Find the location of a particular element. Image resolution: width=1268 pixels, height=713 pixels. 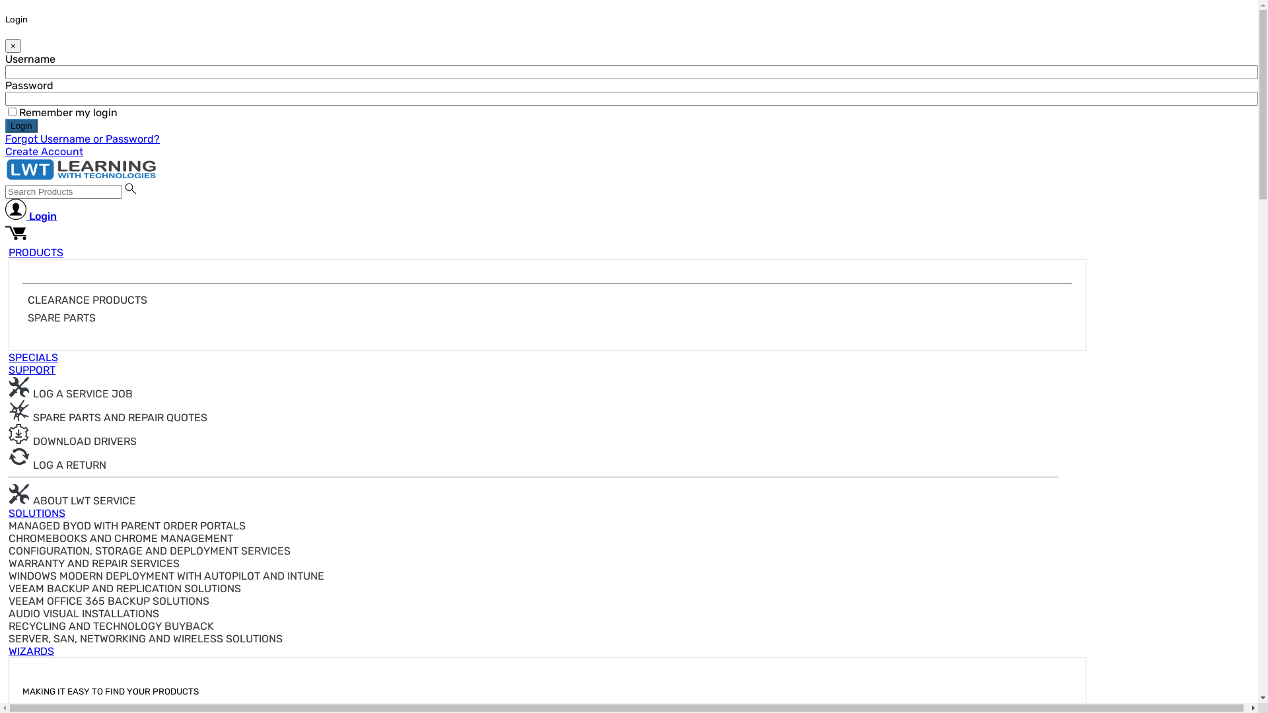

'VEEAM BACKUP AND REPLICATION SOLUTIONS' is located at coordinates (124, 588).